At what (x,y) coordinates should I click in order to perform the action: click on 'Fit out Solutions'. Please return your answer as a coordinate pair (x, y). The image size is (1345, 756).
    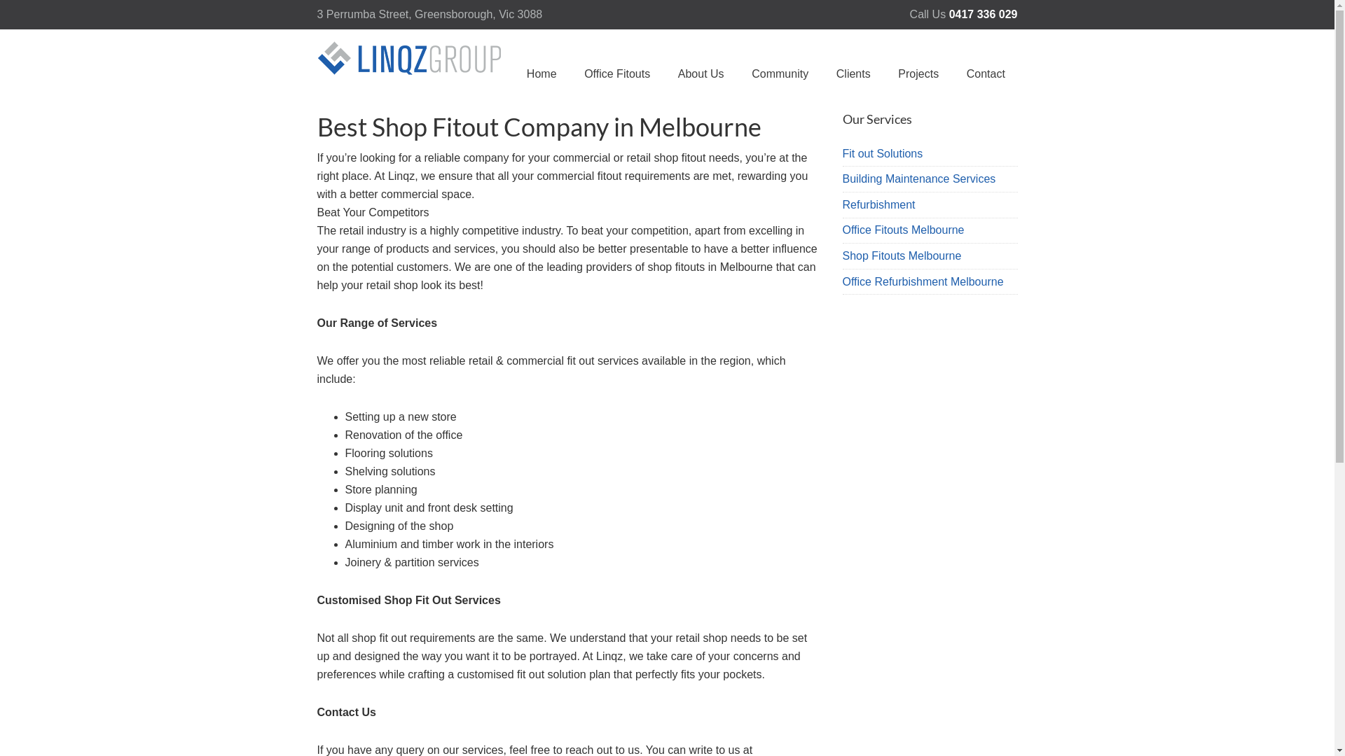
    Looking at the image, I should click on (929, 153).